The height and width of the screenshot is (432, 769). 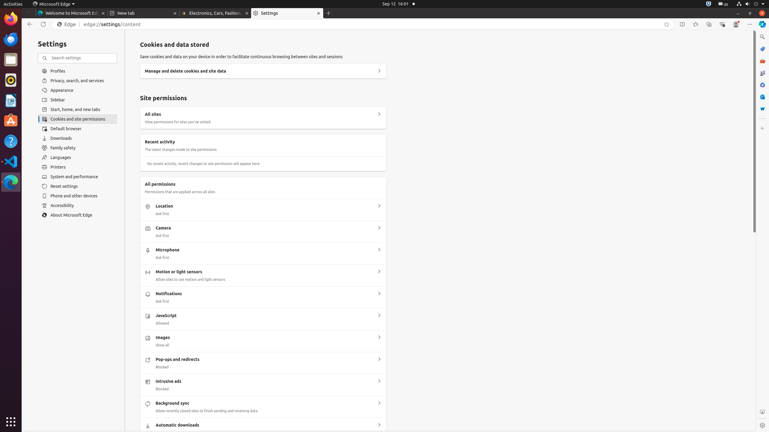 I want to click on 'Favorites', so click(x=695, y=24).